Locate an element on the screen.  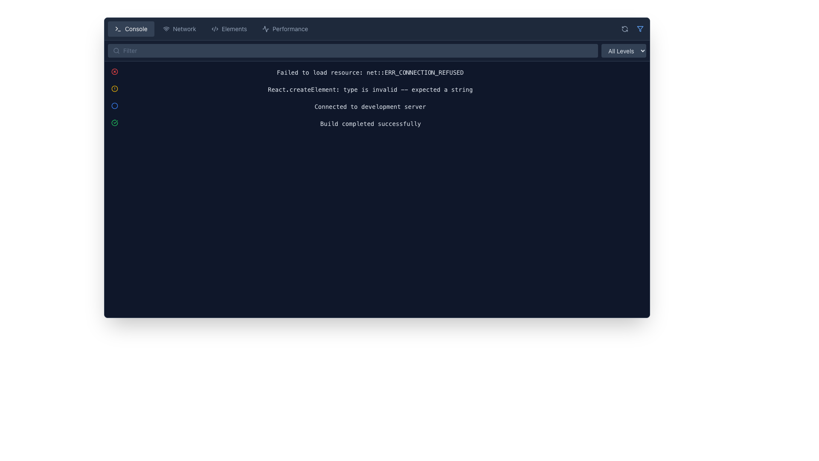
the 'Elements' navigation menu item, which is the third tab located between the 'Network' and 'Performance' tabs is located at coordinates (211, 29).